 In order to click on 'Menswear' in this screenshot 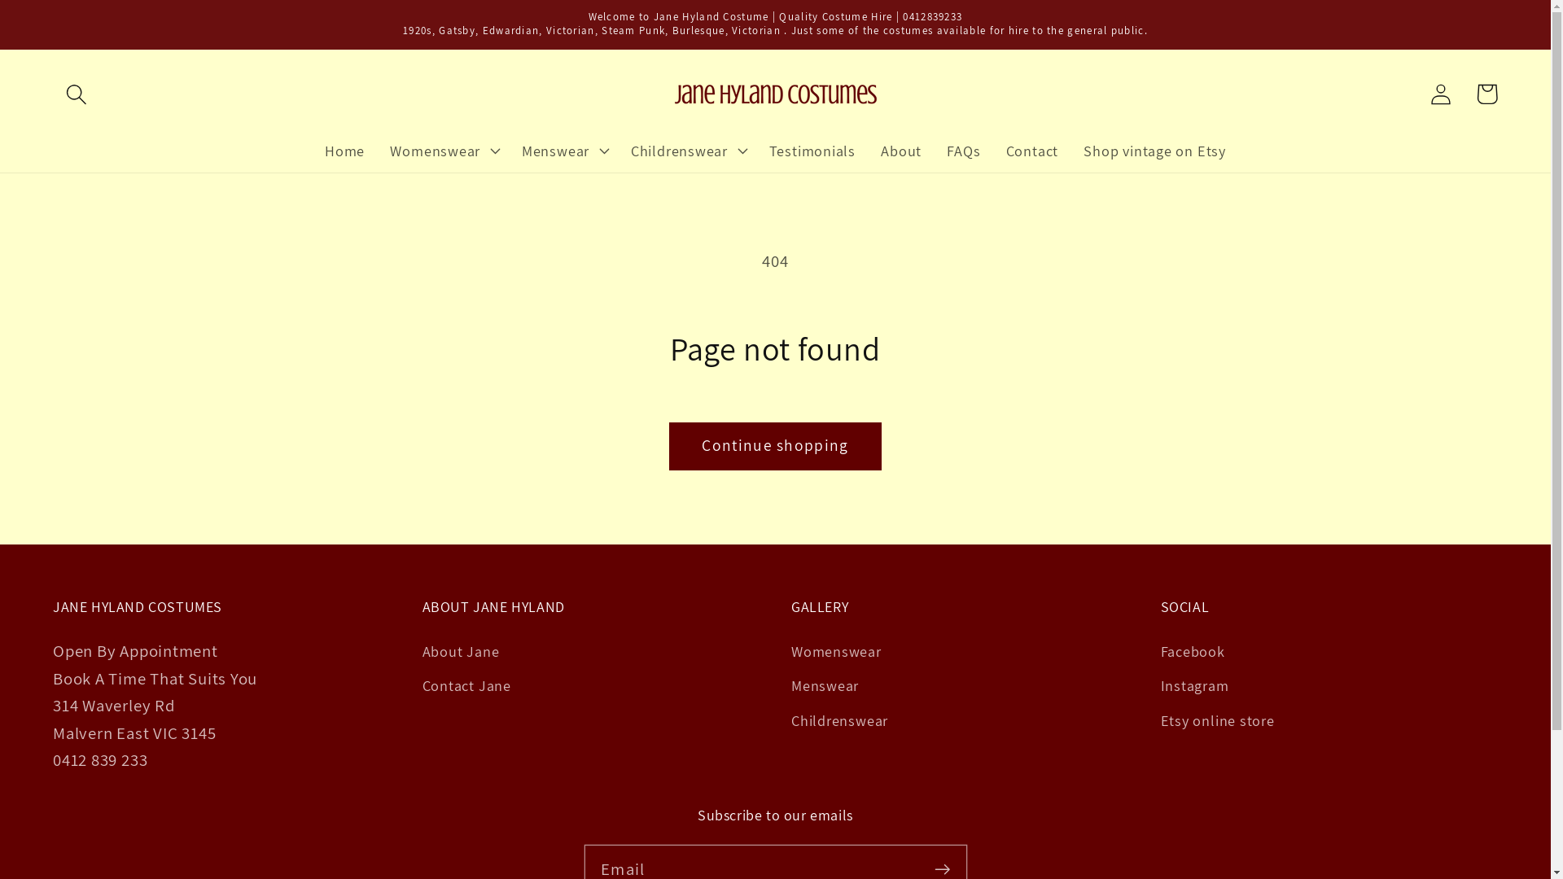, I will do `click(825, 686)`.